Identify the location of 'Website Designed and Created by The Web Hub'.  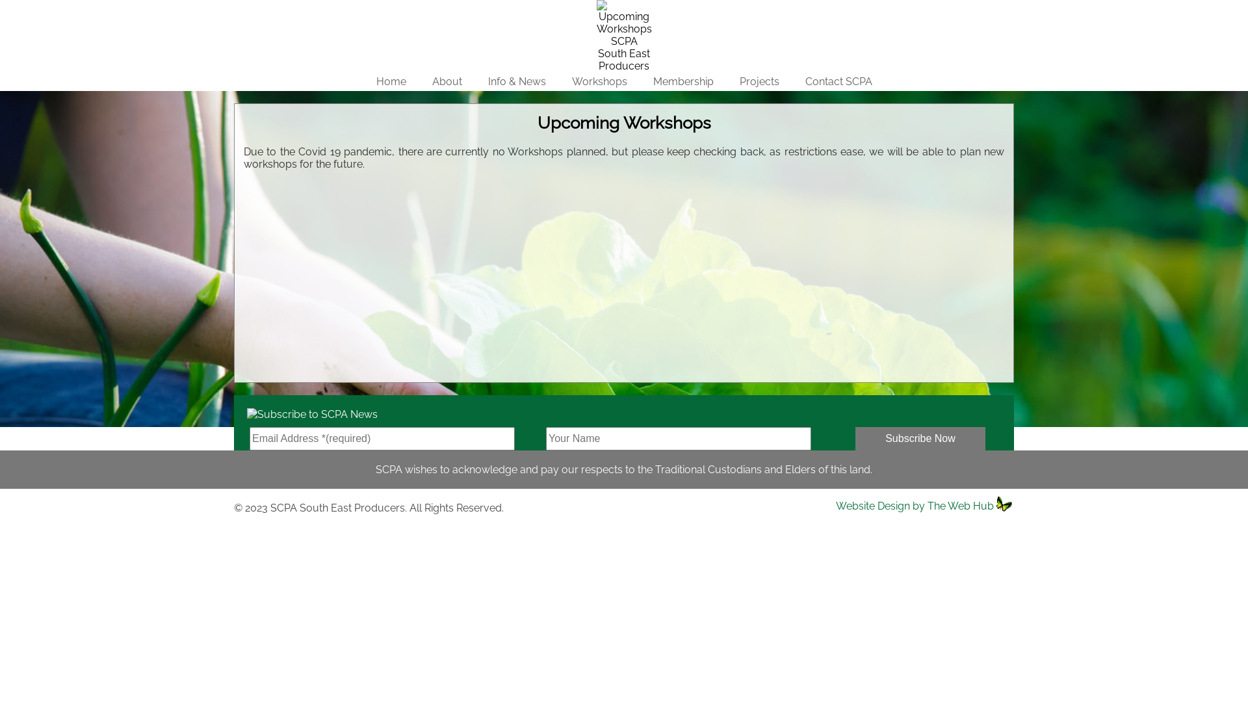
(1004, 503).